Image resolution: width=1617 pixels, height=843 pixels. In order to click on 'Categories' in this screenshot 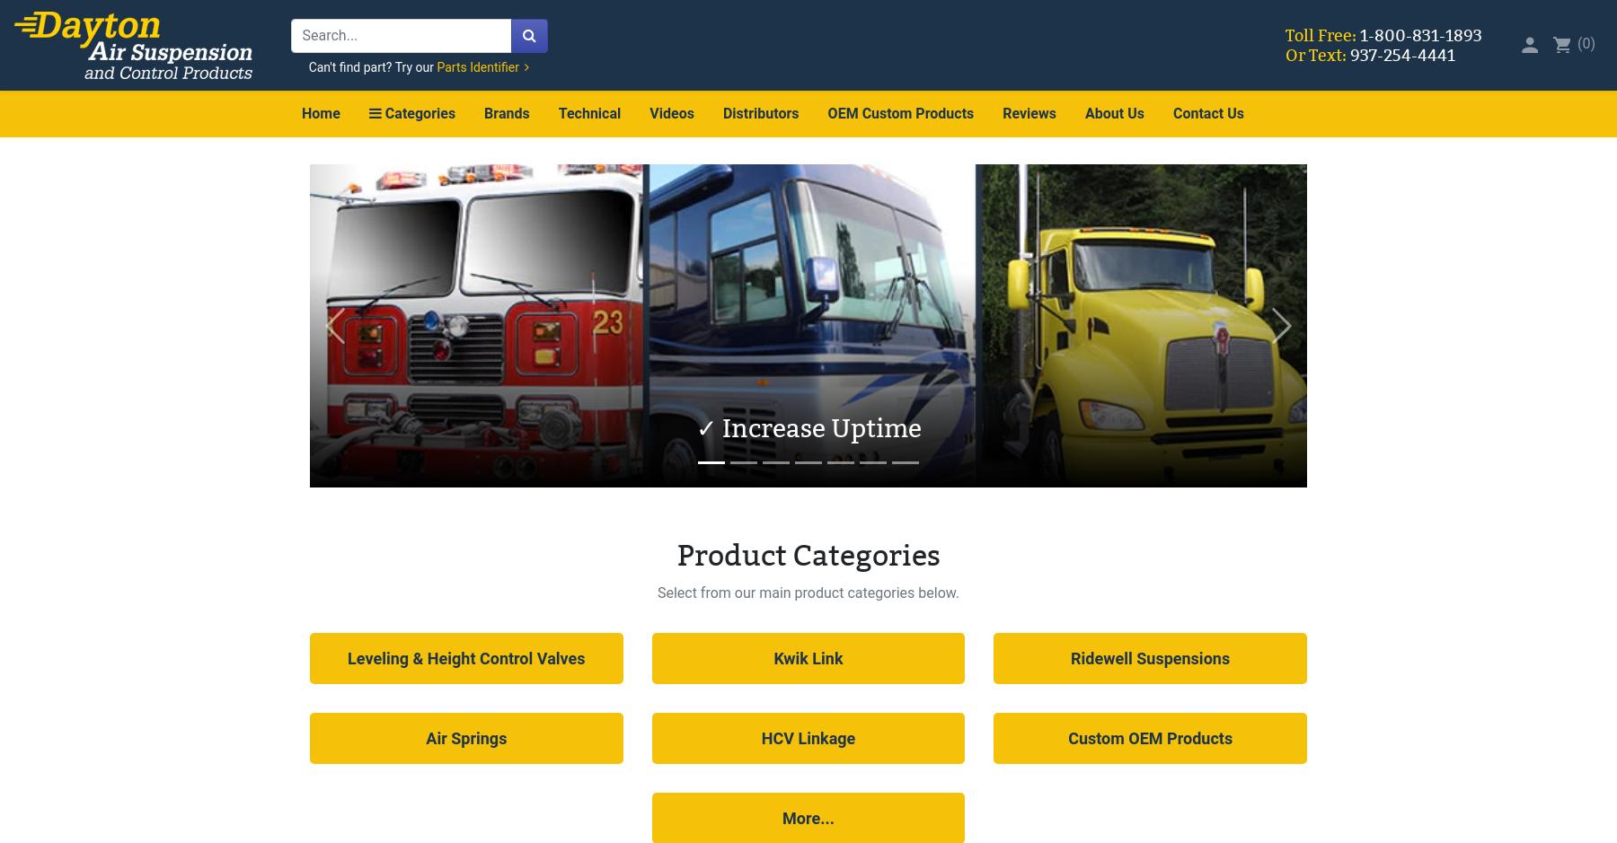, I will do `click(417, 112)`.